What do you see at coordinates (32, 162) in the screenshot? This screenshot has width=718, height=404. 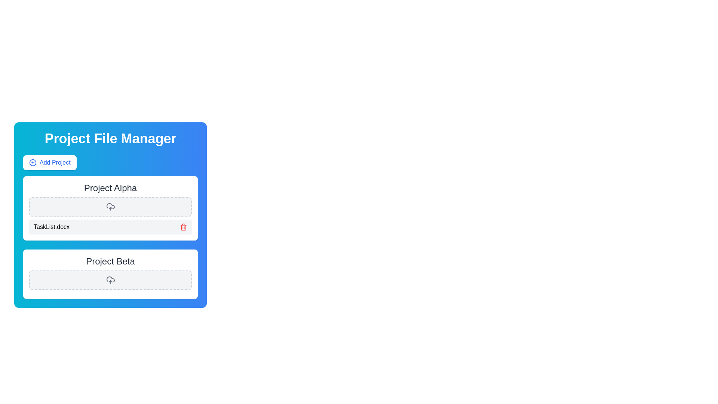 I see `the circular icon located to the left of the 'Add Project' button, which features a thin outline and an inner cross symbol` at bounding box center [32, 162].